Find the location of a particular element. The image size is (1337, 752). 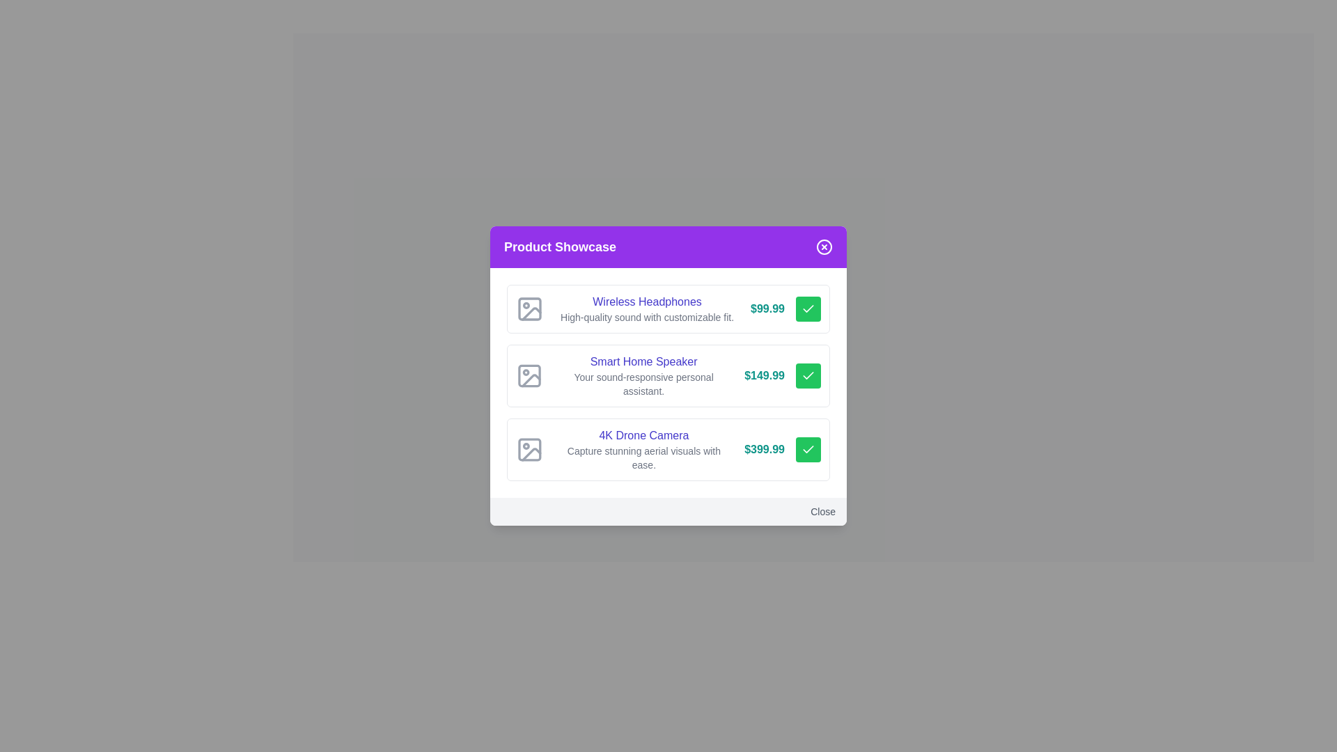

the icon resembling a photo frame with a circular object in one corner, located to the left of the '4K Drone Camera' list item in the modal is located at coordinates (529, 449).